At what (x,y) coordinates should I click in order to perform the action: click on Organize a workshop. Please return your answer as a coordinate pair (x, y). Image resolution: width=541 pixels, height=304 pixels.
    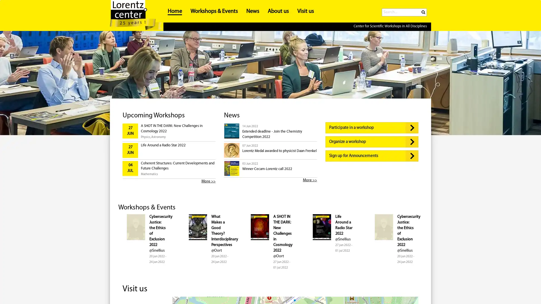
    Looking at the image, I should click on (372, 142).